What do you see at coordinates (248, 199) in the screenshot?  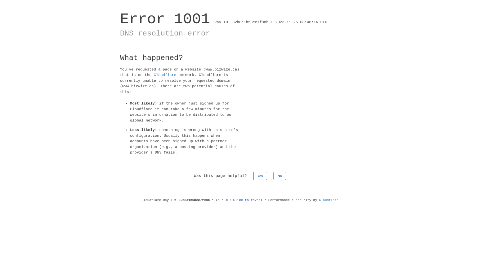 I see `'Click to reveal'` at bounding box center [248, 199].